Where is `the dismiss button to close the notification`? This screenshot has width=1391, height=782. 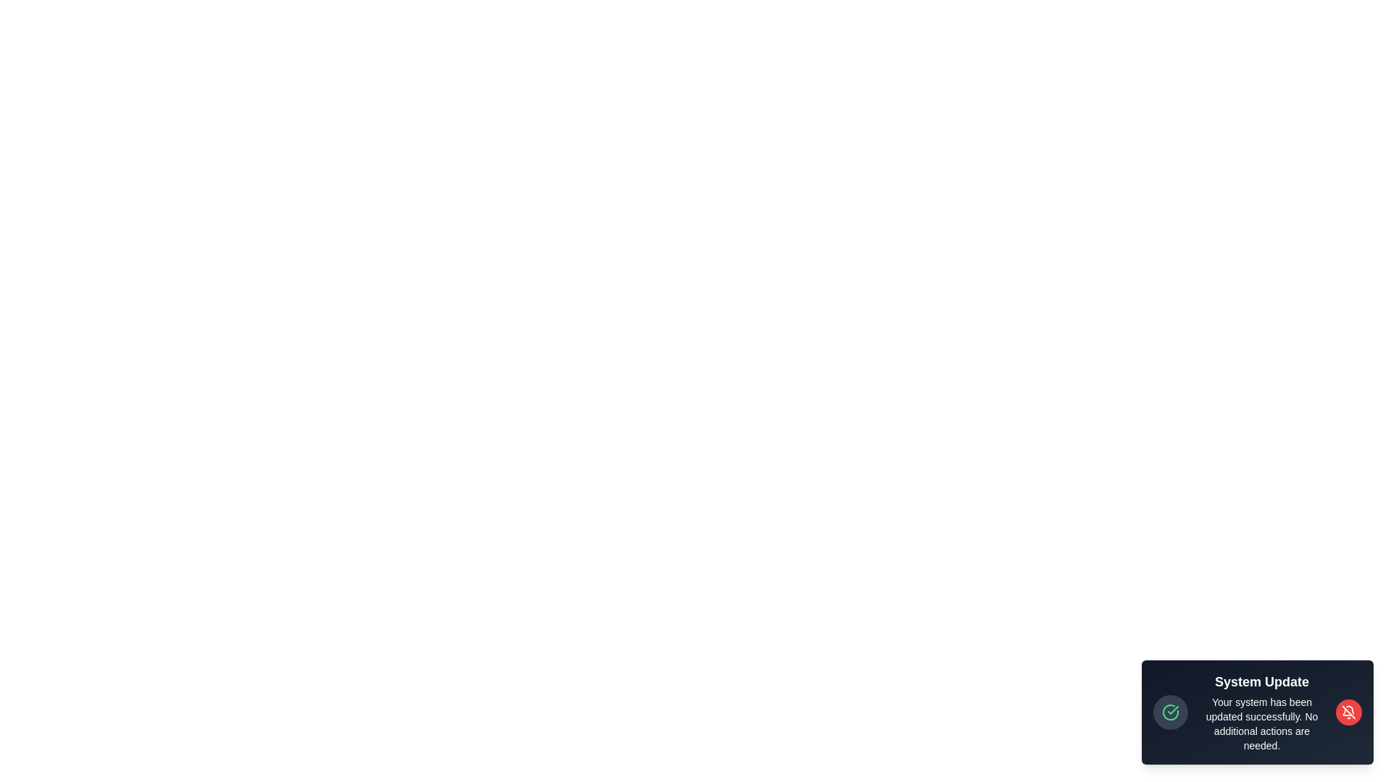
the dismiss button to close the notification is located at coordinates (1348, 711).